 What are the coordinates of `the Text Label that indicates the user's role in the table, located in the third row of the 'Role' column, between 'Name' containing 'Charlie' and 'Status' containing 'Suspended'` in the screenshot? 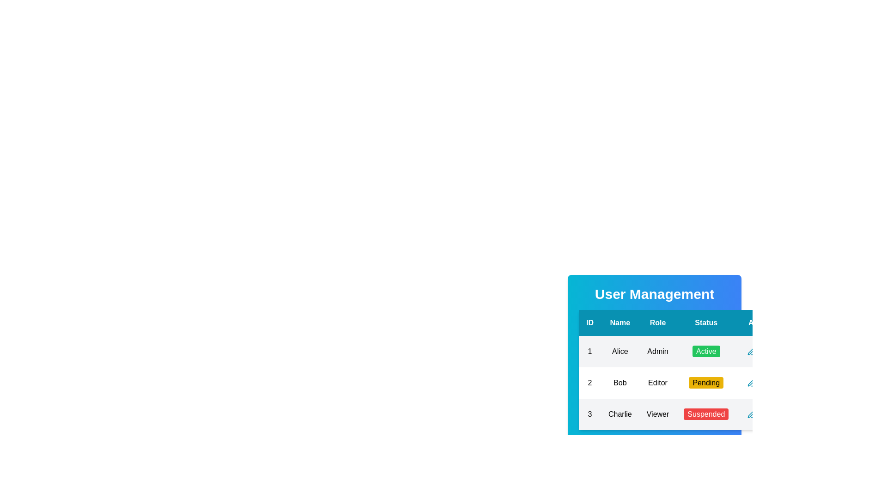 It's located at (657, 414).